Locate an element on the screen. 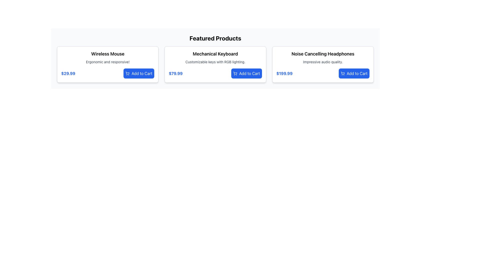  text content of the price label displaying '$199.99' in bold blue font, located to the left of the 'Add to Cart' button within the 'Noise Cancelling Headphones' product card is located at coordinates (284, 73).